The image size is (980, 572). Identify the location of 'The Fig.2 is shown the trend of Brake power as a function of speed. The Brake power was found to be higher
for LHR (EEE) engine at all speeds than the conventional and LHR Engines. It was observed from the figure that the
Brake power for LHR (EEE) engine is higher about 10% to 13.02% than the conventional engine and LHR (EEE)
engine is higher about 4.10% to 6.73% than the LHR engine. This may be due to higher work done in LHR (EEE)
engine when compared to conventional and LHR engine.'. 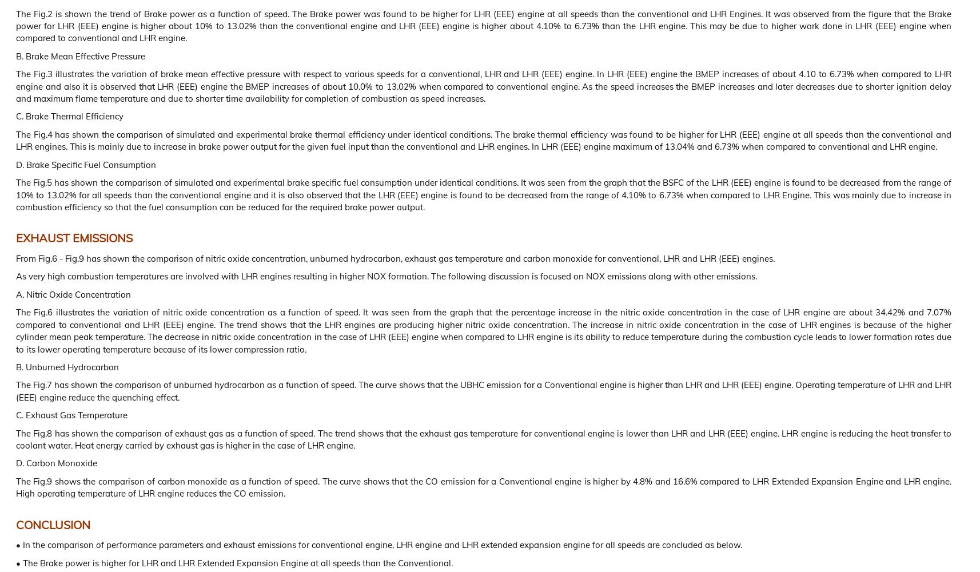
(15, 26).